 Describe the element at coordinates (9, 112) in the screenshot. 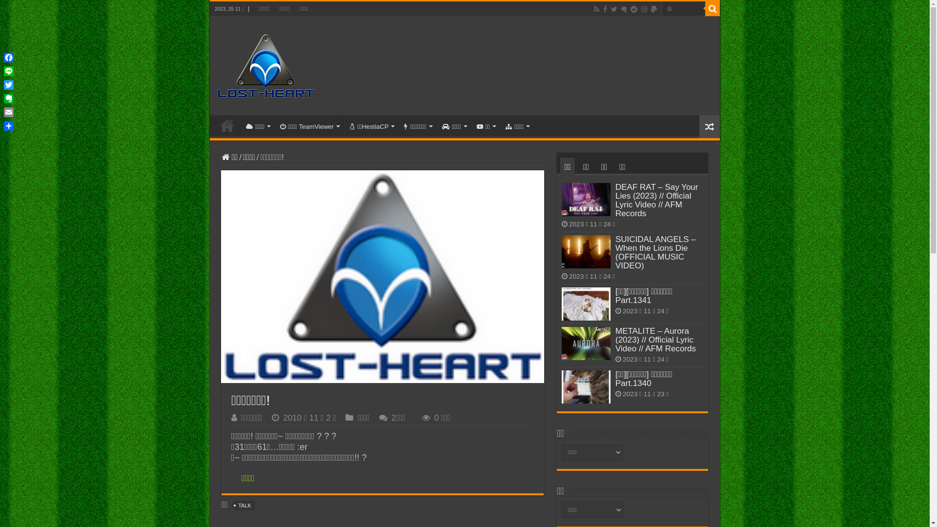

I see `'Email'` at that location.